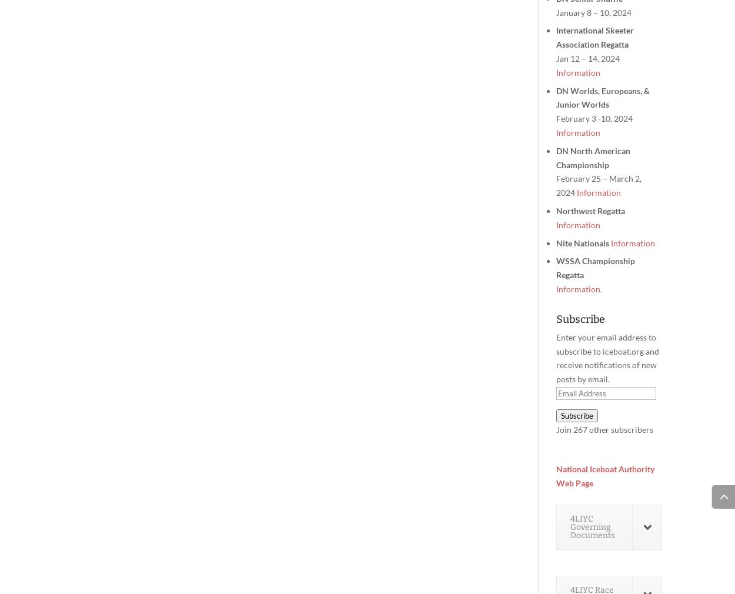 The image size is (735, 594). What do you see at coordinates (594, 118) in the screenshot?
I see `'February 3 -10, 2024'` at bounding box center [594, 118].